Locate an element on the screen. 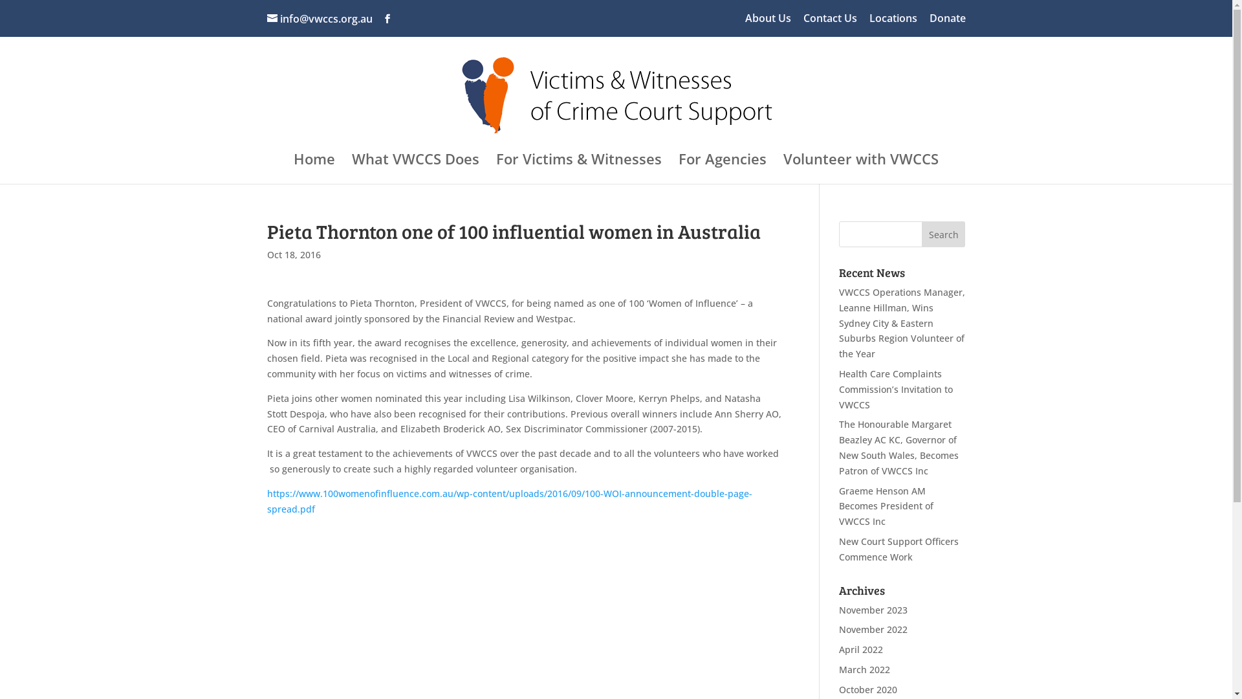 This screenshot has height=699, width=1242. 'For Agencies' is located at coordinates (722, 168).